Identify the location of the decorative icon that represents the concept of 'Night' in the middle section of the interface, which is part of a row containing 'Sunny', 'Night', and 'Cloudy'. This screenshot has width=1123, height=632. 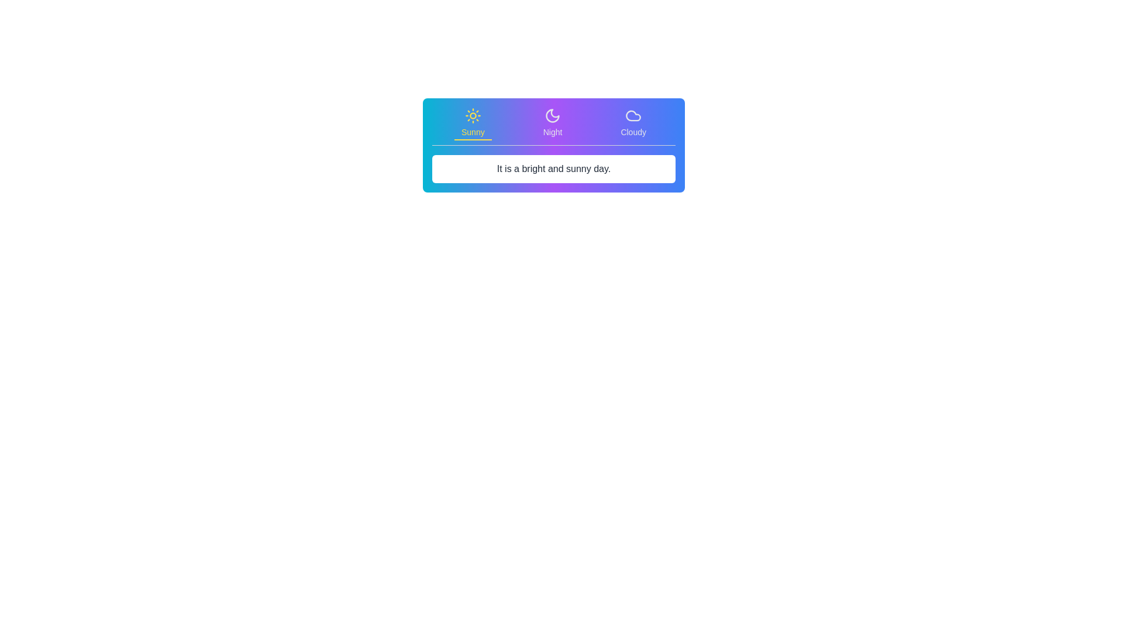
(552, 115).